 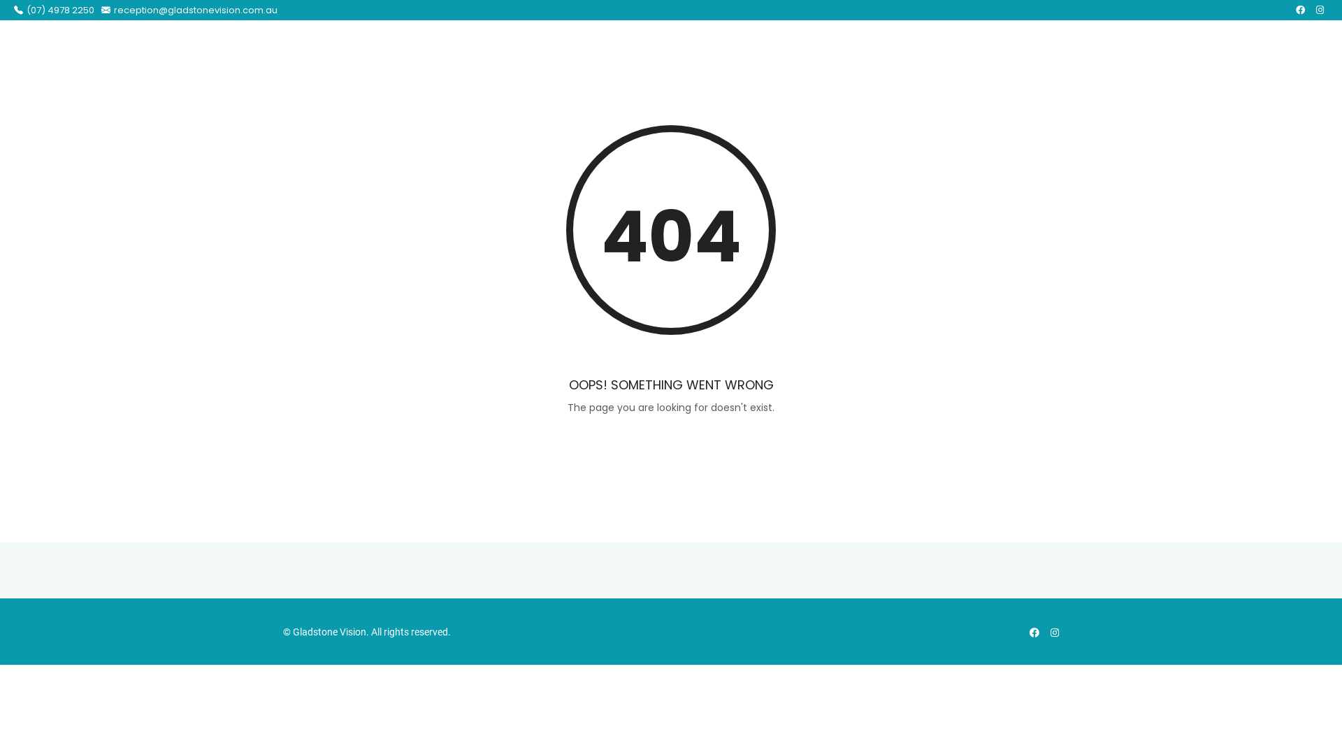 I want to click on '(07) 4978 2250', so click(x=54, y=10).